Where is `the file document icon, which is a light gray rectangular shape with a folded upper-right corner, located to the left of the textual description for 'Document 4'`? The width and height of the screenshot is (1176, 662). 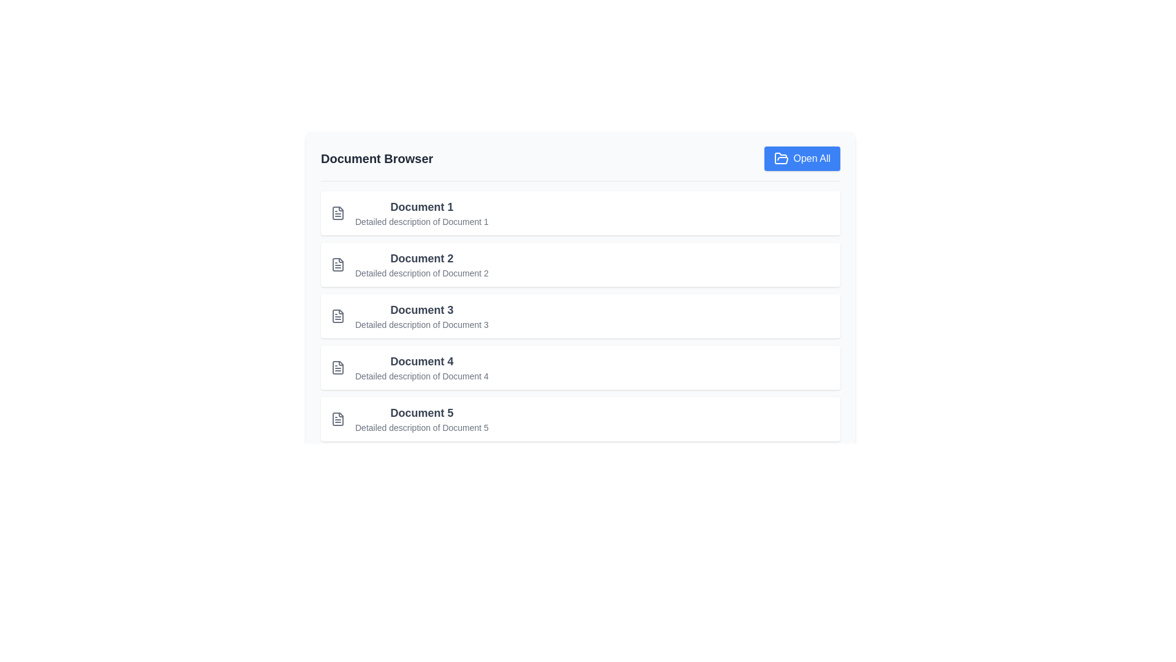 the file document icon, which is a light gray rectangular shape with a folded upper-right corner, located to the left of the textual description for 'Document 4' is located at coordinates (338, 367).